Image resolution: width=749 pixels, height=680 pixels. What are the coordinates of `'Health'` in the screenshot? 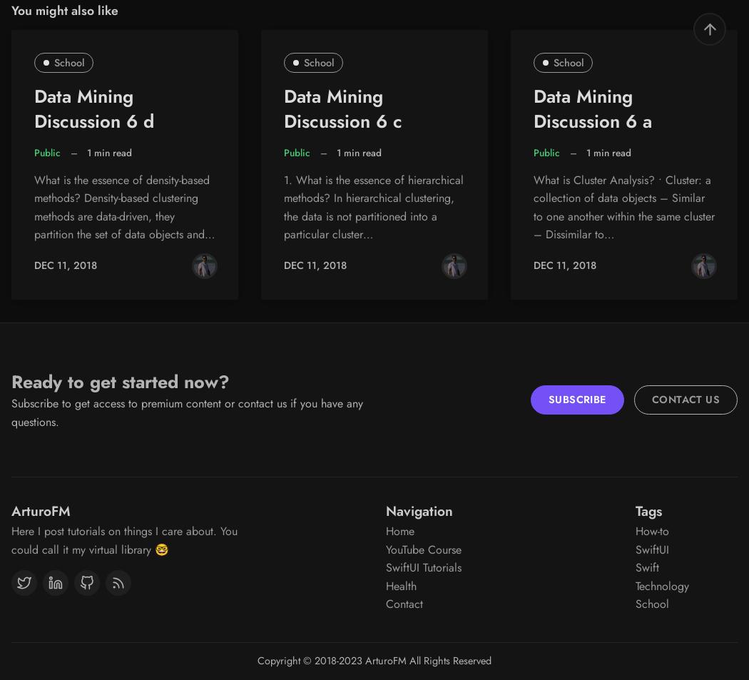 It's located at (385, 585).